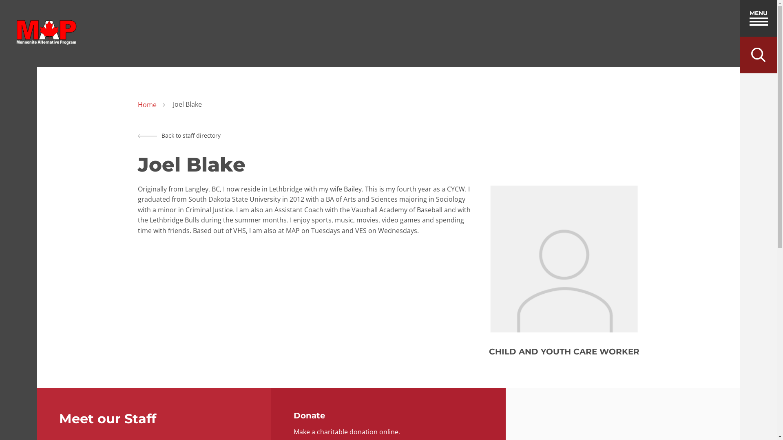  Describe the element at coordinates (758, 18) in the screenshot. I see `'MENU'` at that location.